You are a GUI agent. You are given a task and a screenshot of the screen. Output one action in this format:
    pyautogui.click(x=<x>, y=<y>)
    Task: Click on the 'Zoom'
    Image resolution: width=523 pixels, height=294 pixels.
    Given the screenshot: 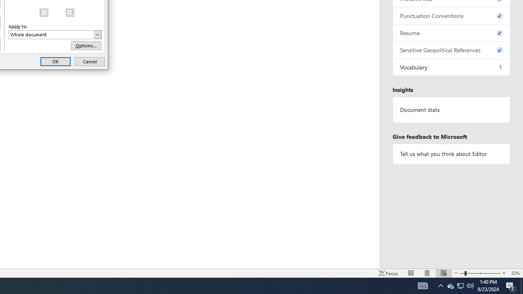 What is the action you would take?
    pyautogui.click(x=480, y=273)
    